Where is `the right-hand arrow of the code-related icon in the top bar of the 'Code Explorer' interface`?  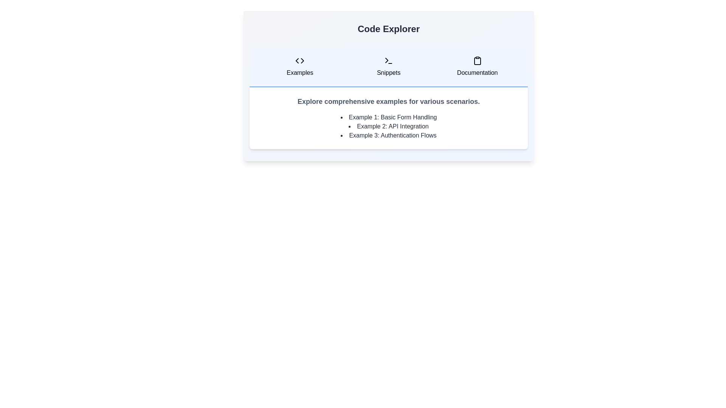
the right-hand arrow of the code-related icon in the top bar of the 'Code Explorer' interface is located at coordinates (302, 60).